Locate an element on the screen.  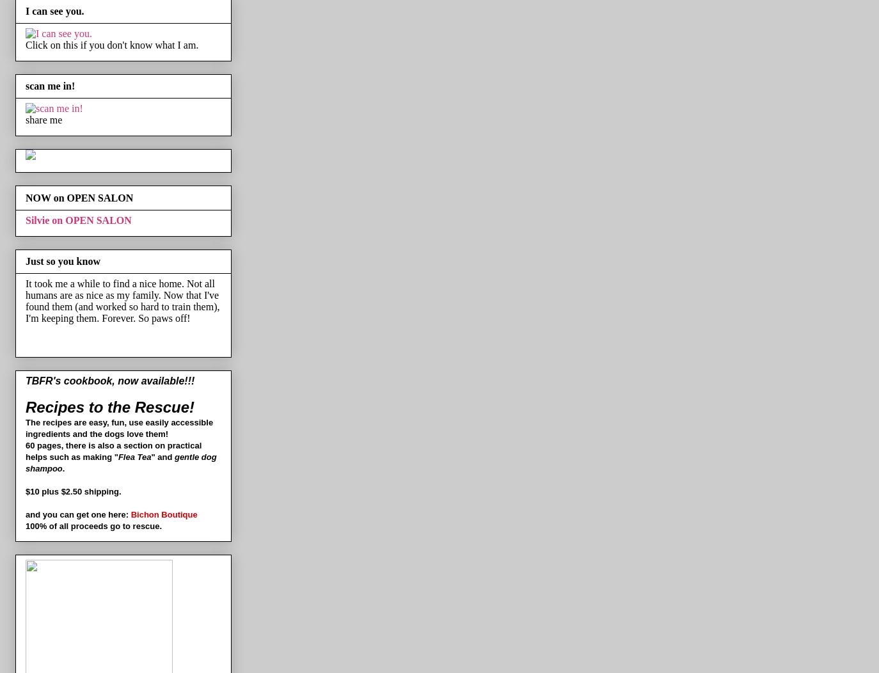
'$10 plus $2.50 shipping.' is located at coordinates (72, 491).